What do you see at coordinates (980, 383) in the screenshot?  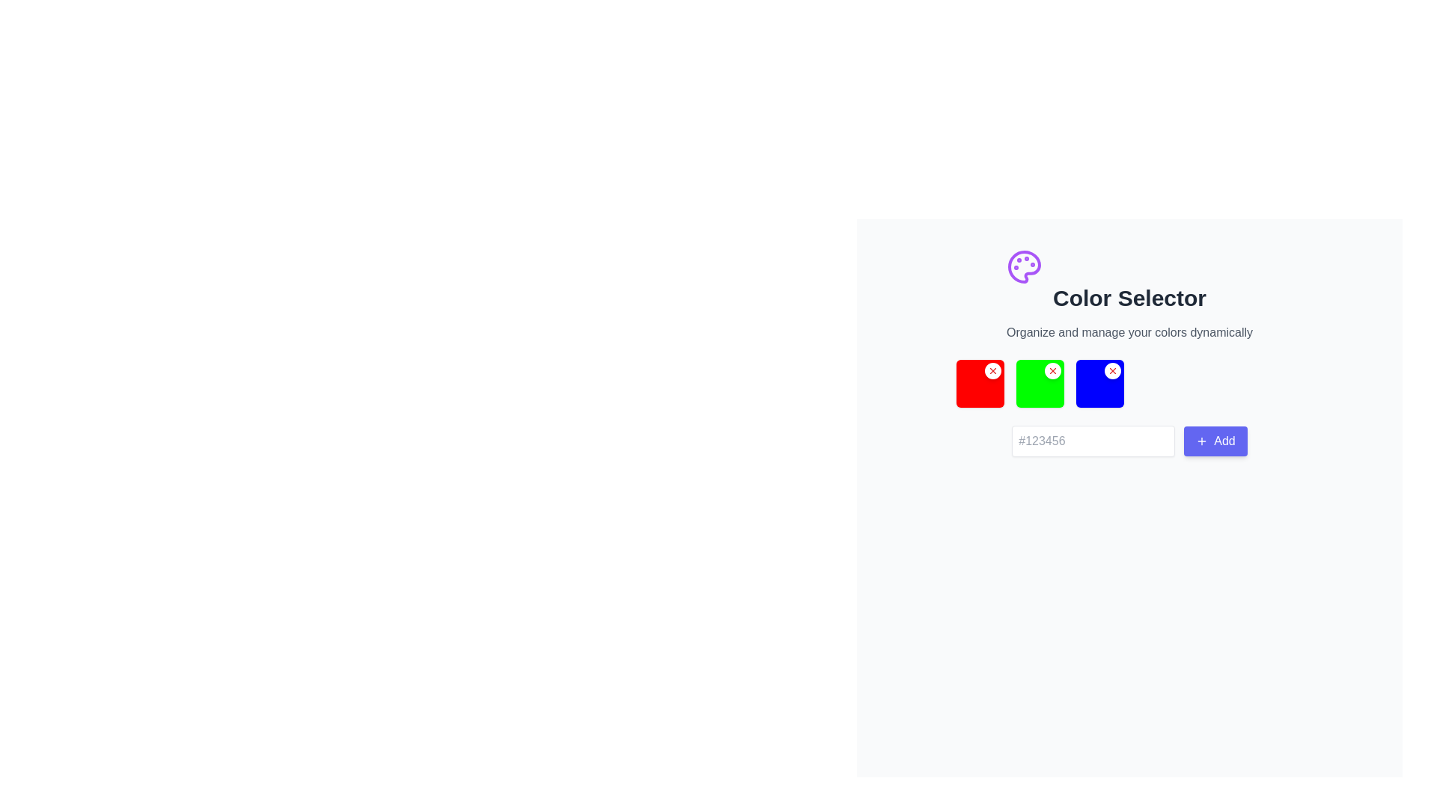 I see `the leftmost red color swatch` at bounding box center [980, 383].